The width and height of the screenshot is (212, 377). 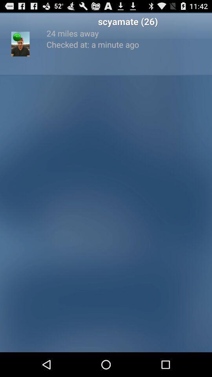 What do you see at coordinates (128, 21) in the screenshot?
I see `scyamate (26) item` at bounding box center [128, 21].